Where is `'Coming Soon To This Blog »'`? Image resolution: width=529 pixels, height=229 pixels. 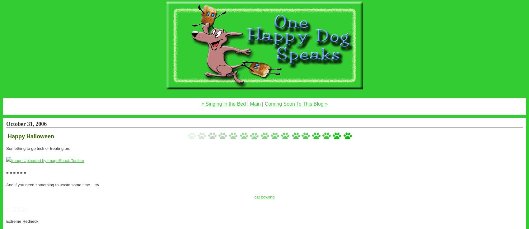 'Coming Soon To This Blog »' is located at coordinates (296, 103).